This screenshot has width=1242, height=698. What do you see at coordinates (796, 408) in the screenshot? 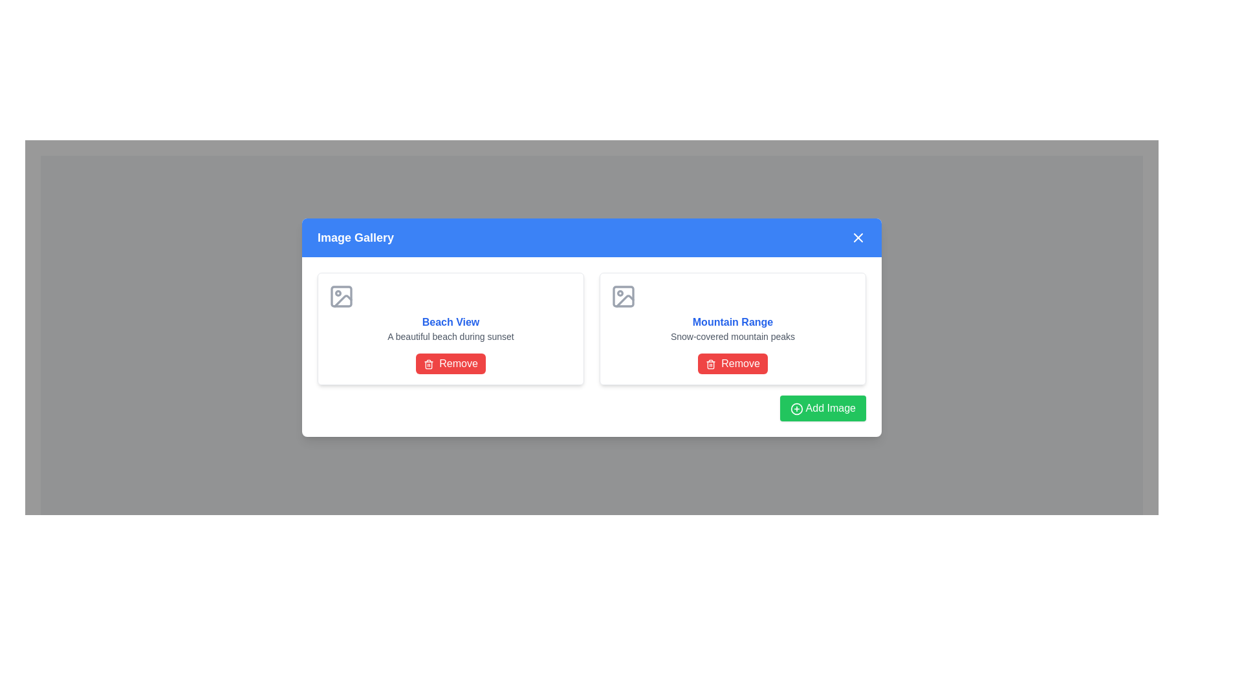
I see `the circular 'add' icon located to the left of the 'Add Image' button text within the green button at the bottom right of the modal` at bounding box center [796, 408].